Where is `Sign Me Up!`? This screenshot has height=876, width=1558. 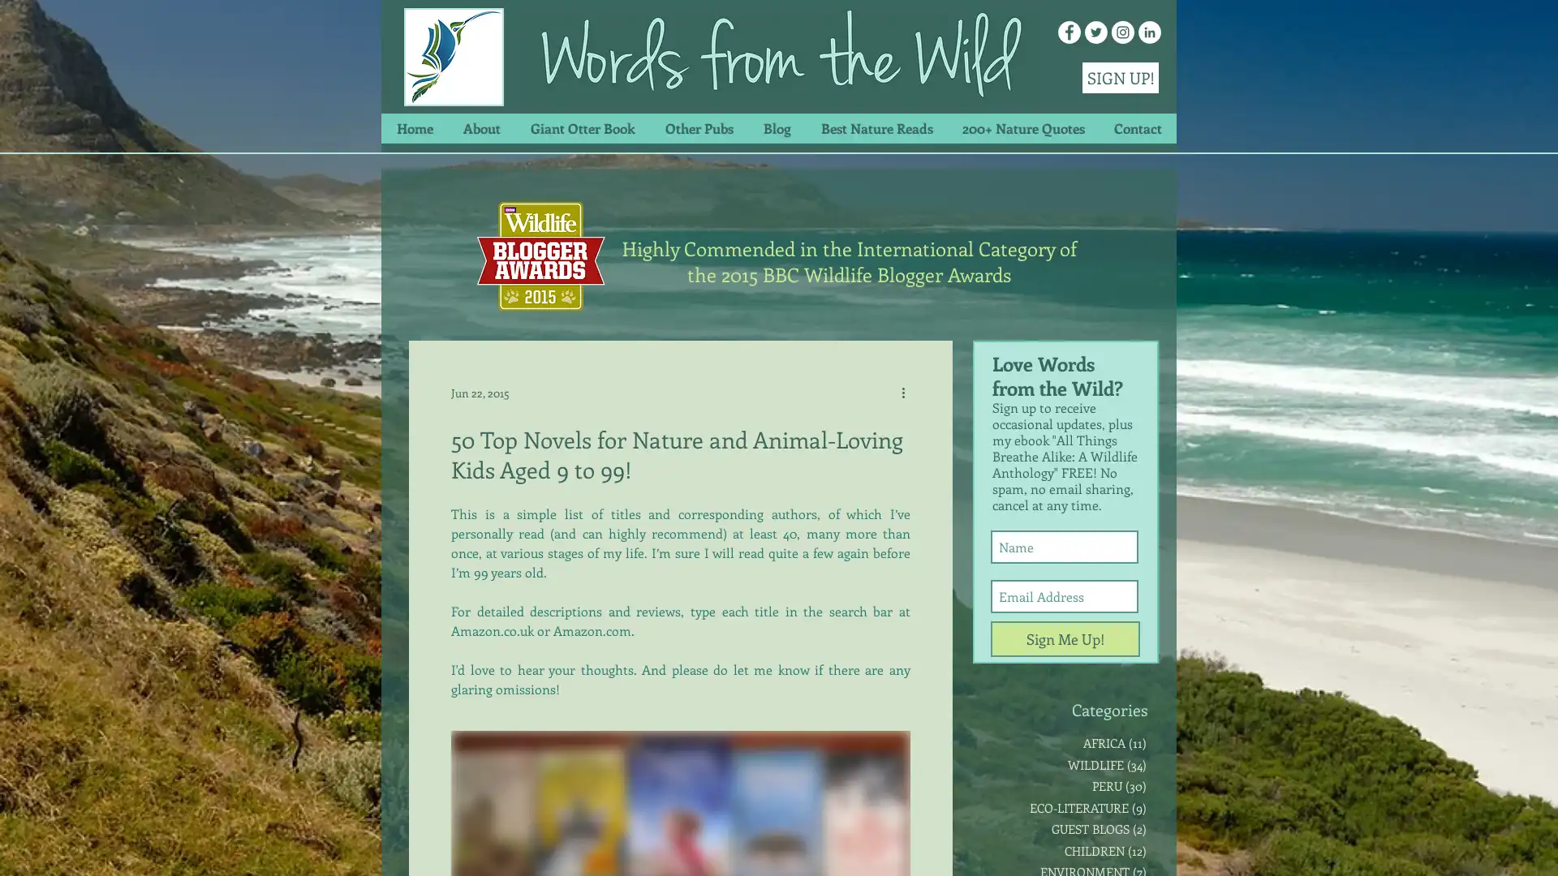 Sign Me Up! is located at coordinates (1065, 638).